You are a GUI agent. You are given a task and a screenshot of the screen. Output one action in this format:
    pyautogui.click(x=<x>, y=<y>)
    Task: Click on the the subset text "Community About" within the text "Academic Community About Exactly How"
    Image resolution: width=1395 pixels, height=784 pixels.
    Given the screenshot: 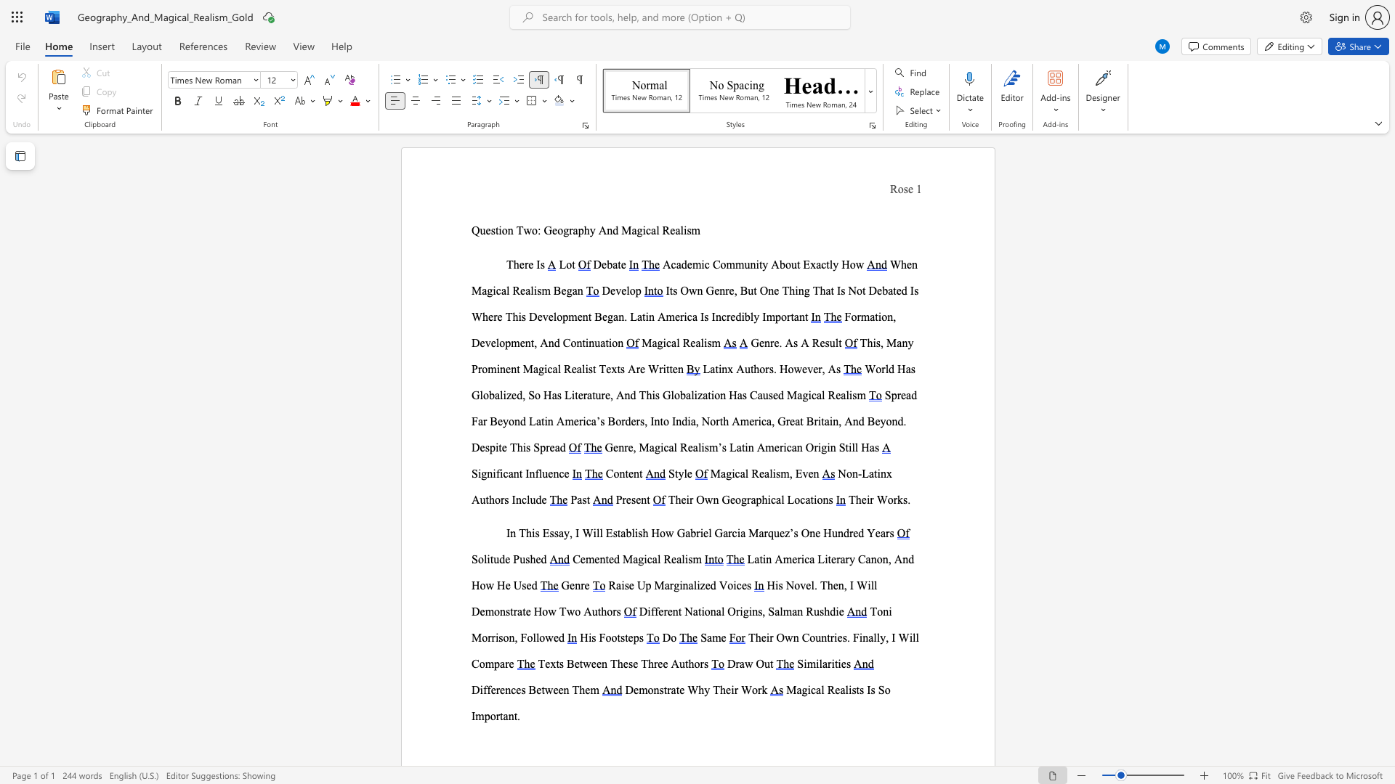 What is the action you would take?
    pyautogui.click(x=712, y=264)
    